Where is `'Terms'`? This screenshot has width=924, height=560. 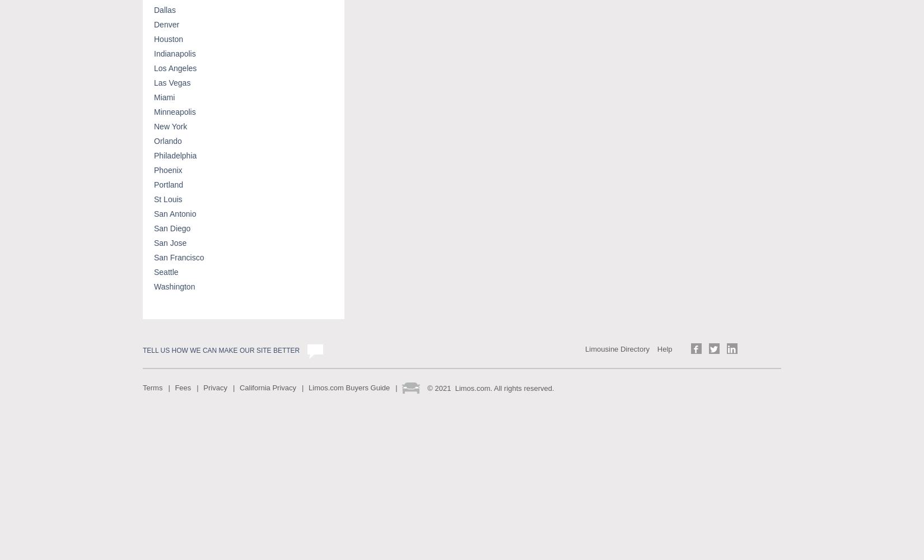
'Terms' is located at coordinates (152, 386).